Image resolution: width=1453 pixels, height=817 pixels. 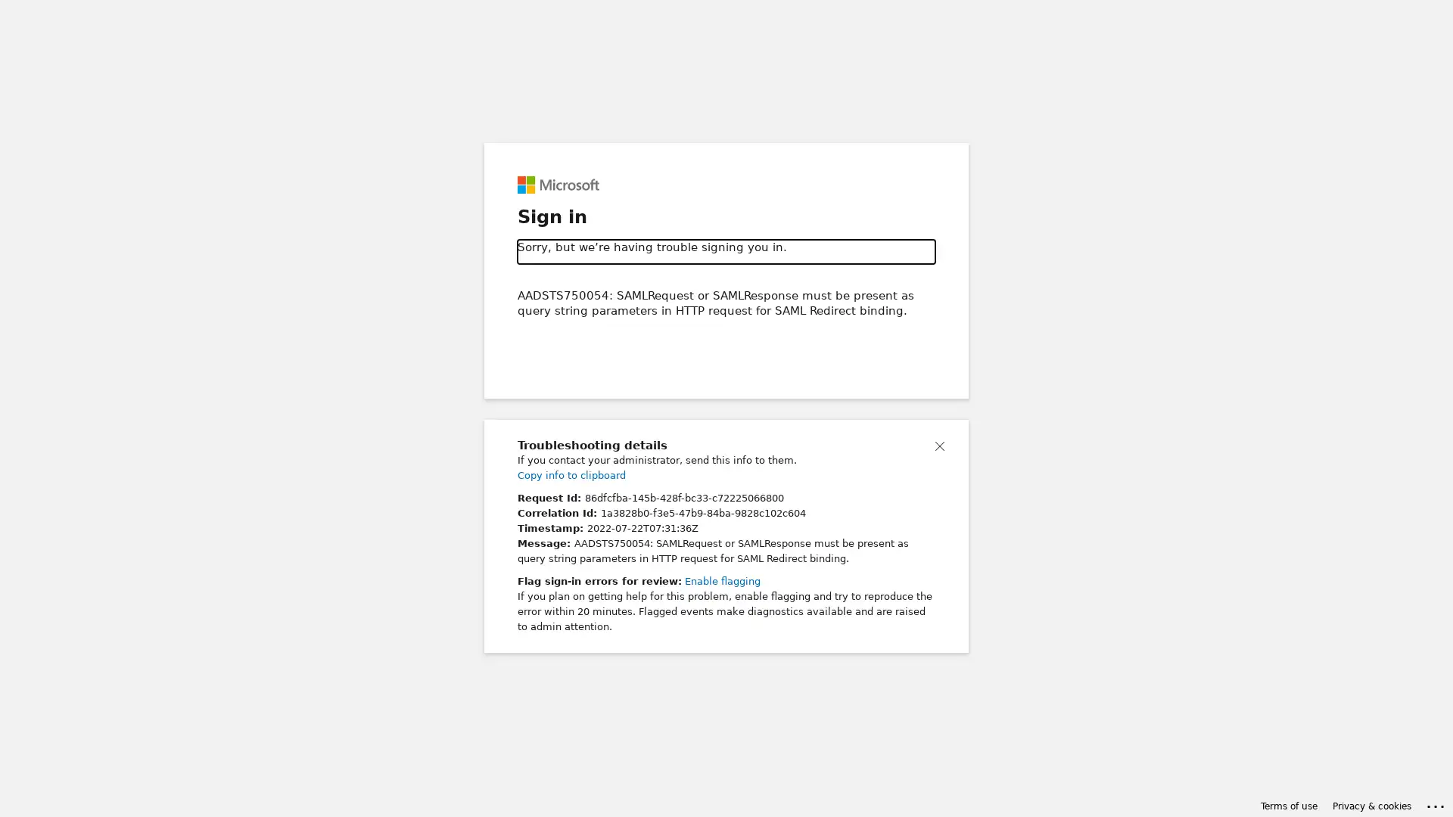 What do you see at coordinates (571, 474) in the screenshot?
I see `Copy info to clipboard` at bounding box center [571, 474].